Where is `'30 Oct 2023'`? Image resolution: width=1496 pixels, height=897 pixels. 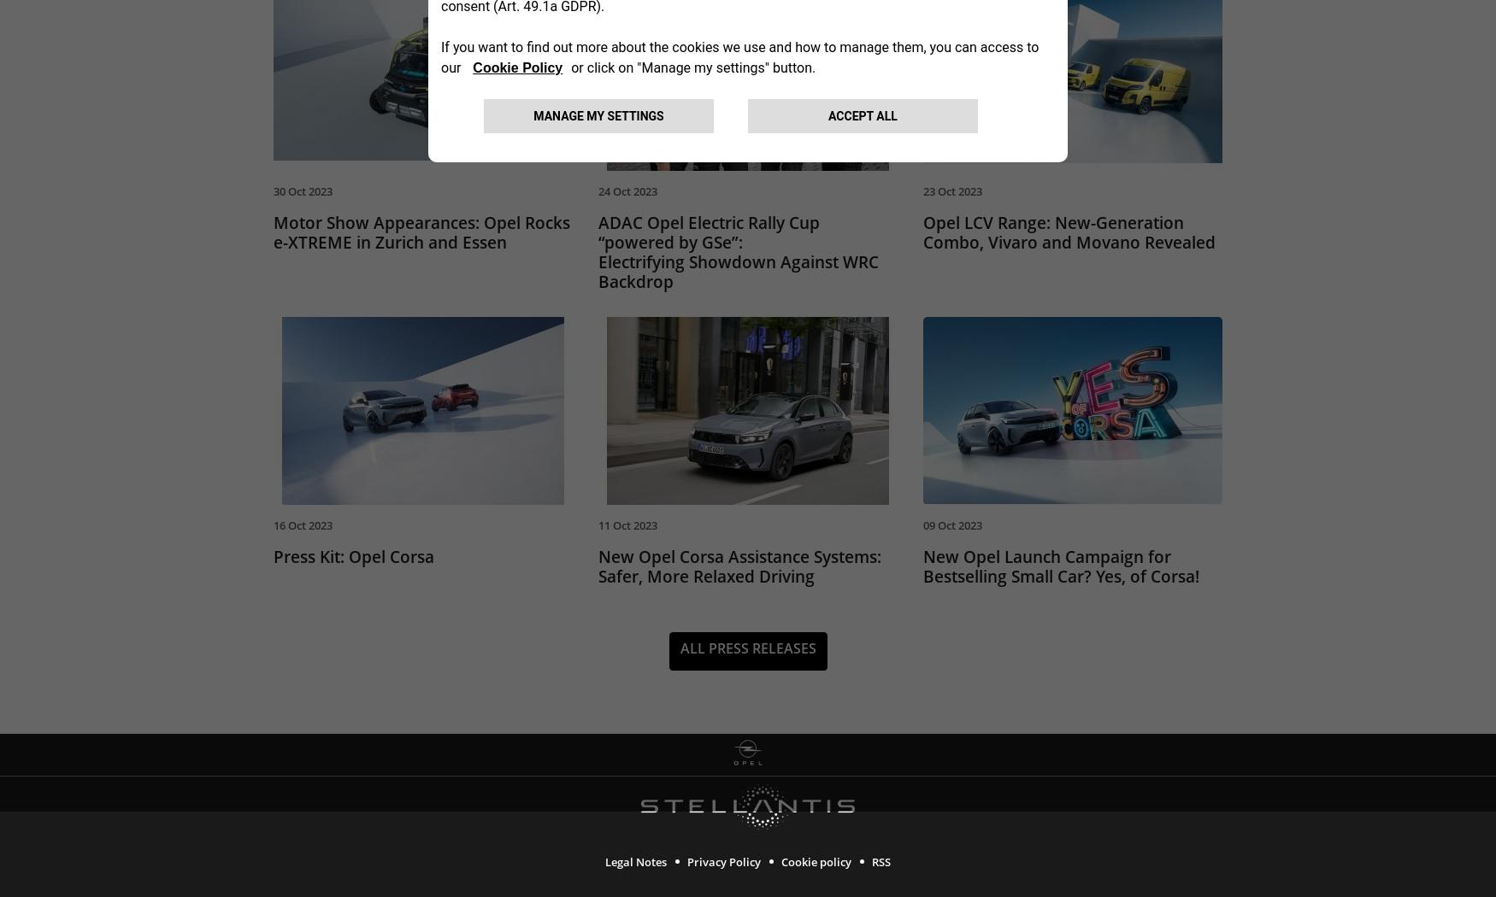
'30 Oct 2023' is located at coordinates (303, 190).